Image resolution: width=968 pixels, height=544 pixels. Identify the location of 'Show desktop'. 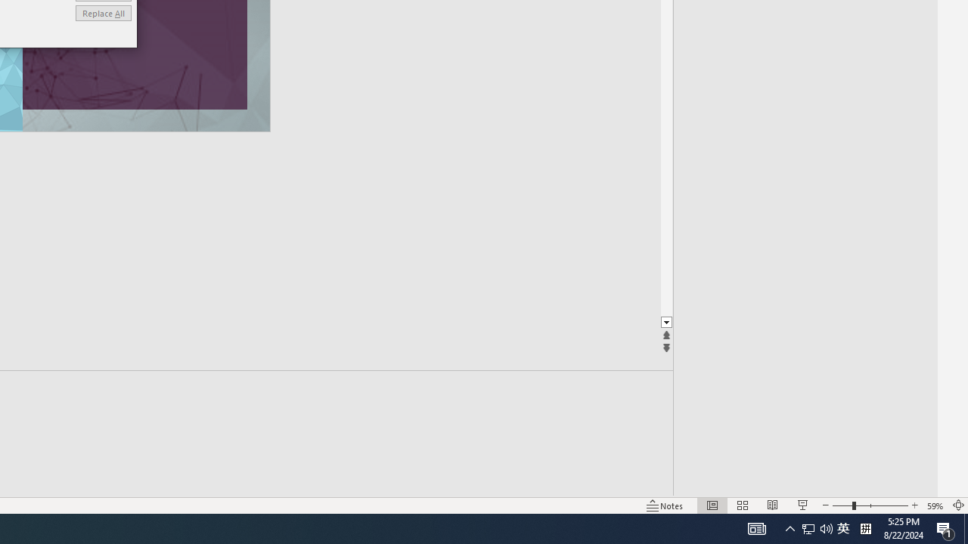
(965, 527).